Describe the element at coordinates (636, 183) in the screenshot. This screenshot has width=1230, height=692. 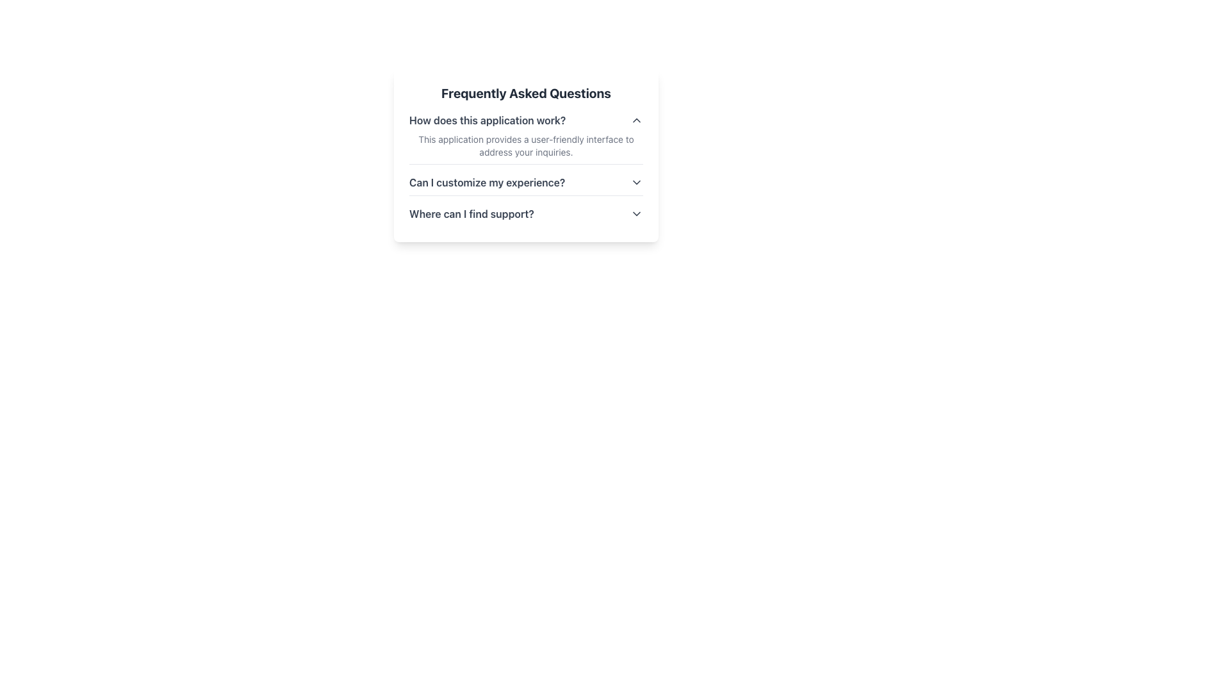
I see `the expandable/collapsible icon located to the right of the text 'Can I customize my experience?'` at that location.